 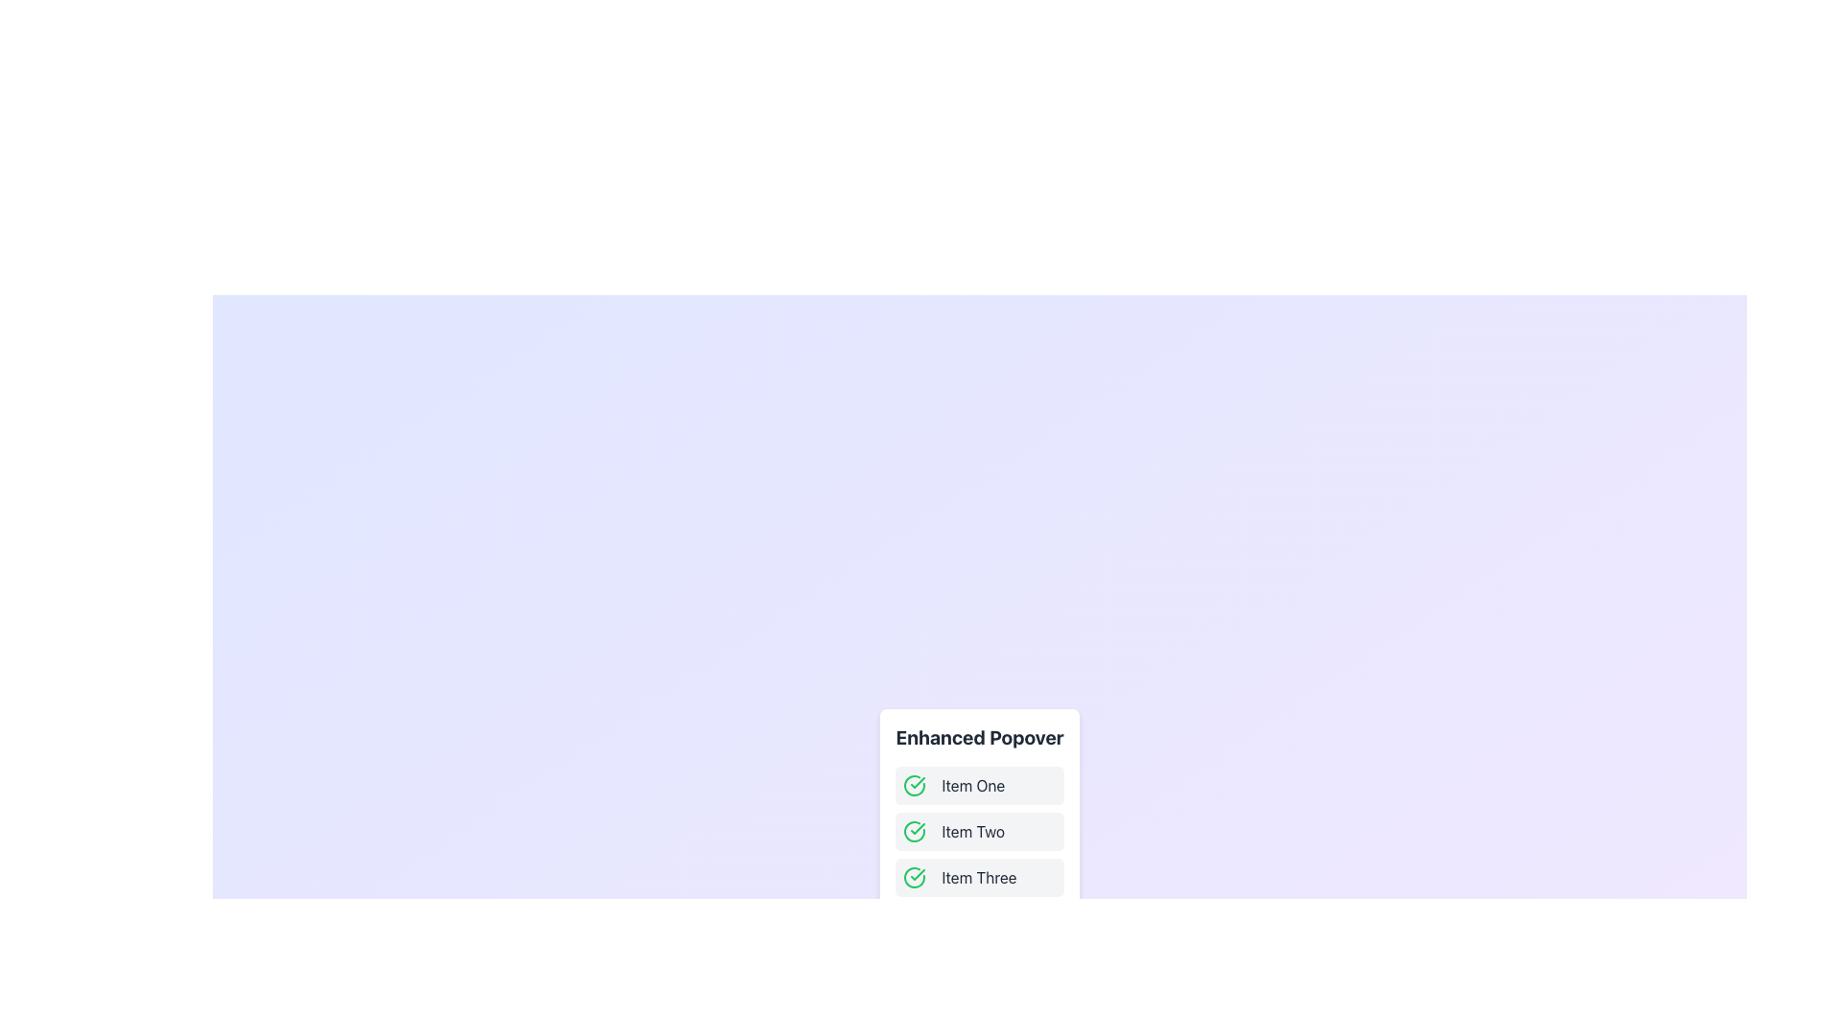 What do you see at coordinates (914, 786) in the screenshot?
I see `the icon indicating a successful or completed status for 'Item One', which is located to the left of the text 'Item One'` at bounding box center [914, 786].